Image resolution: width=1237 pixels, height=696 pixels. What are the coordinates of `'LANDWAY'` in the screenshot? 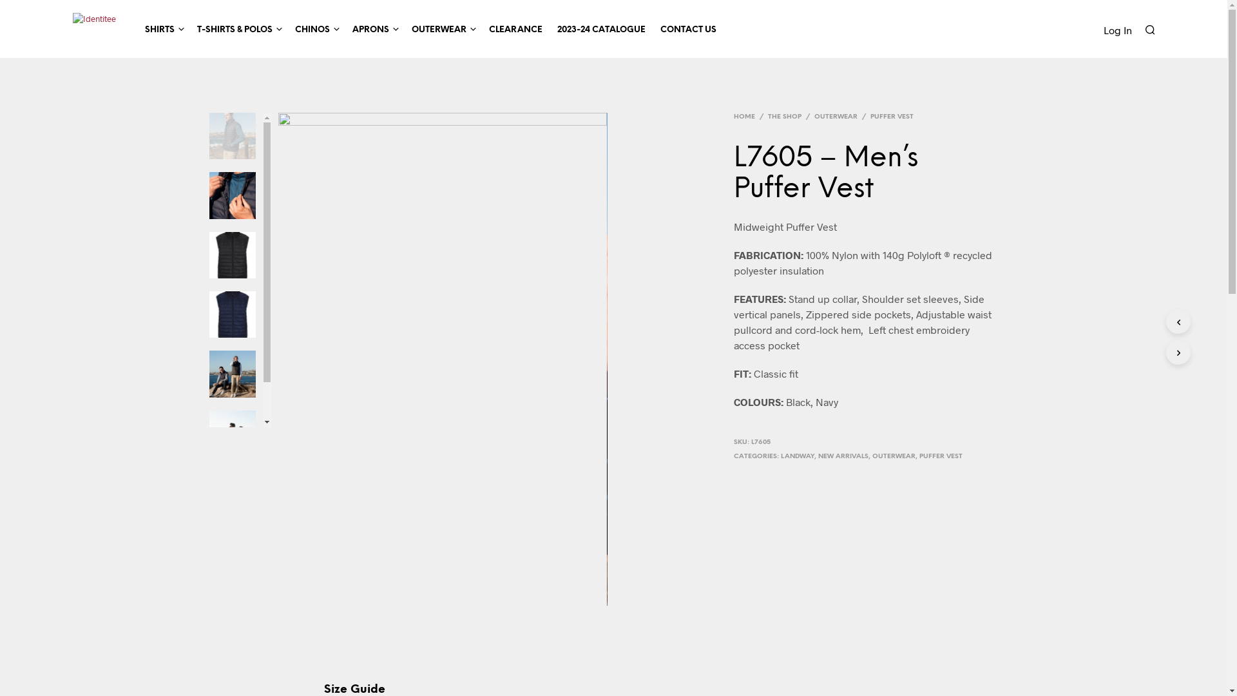 It's located at (797, 456).